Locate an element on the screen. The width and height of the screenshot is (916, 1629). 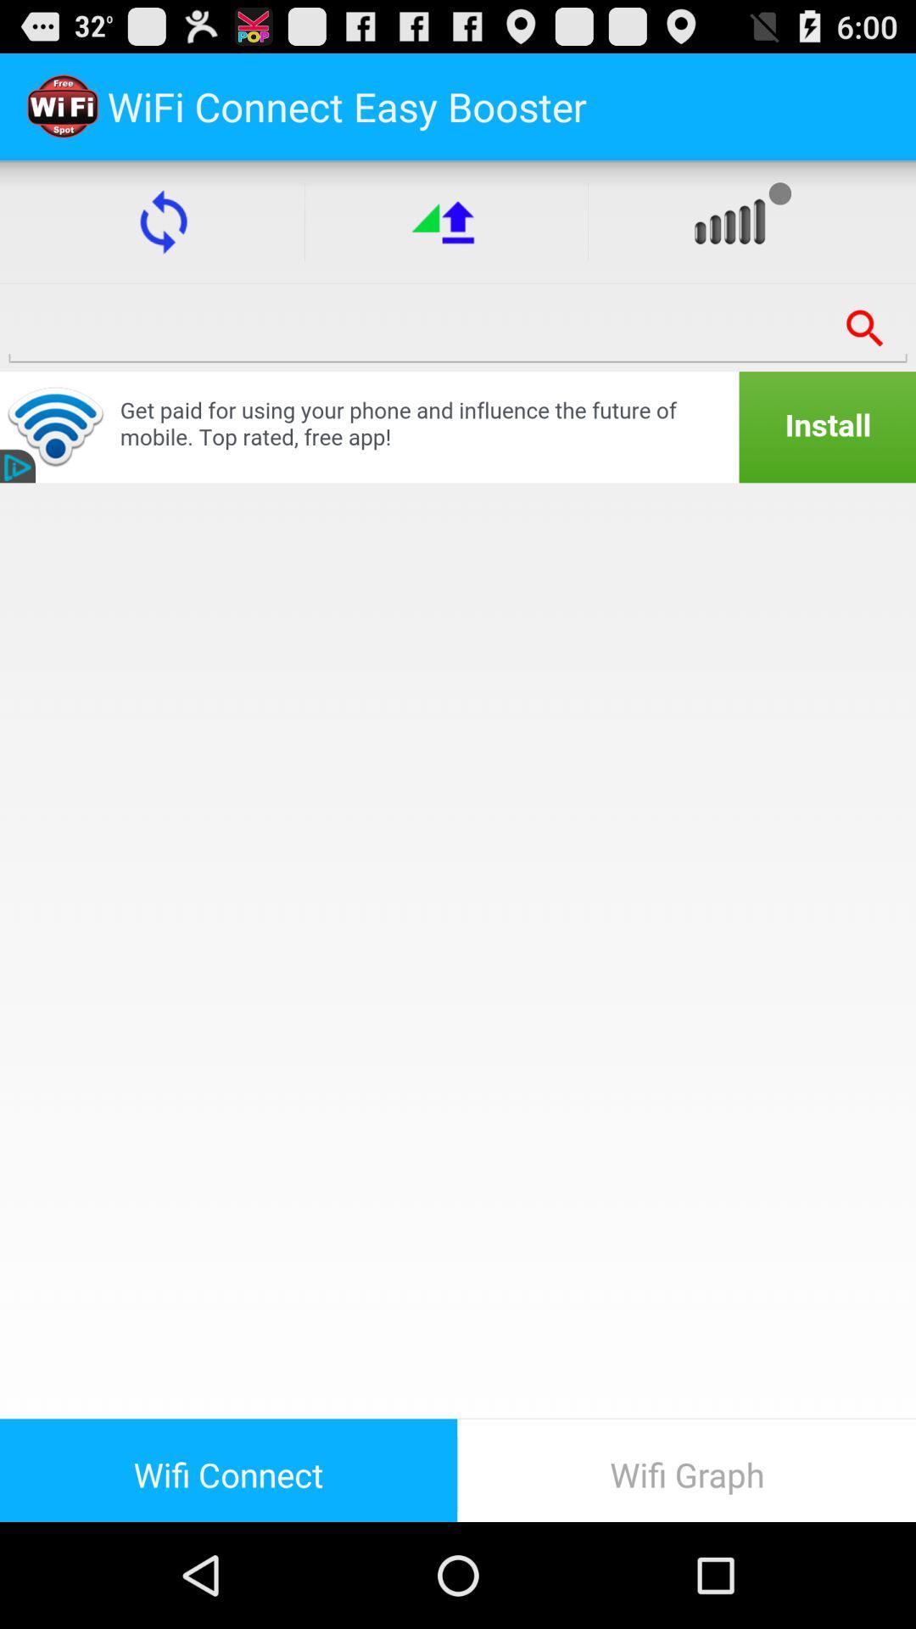
the logo at top left corner is located at coordinates (61, 105).